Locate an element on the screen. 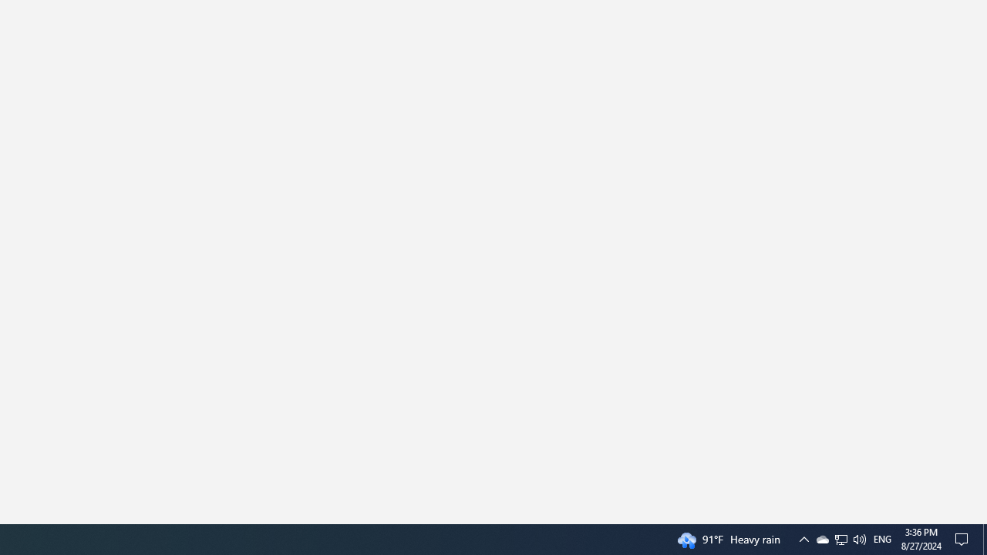 The height and width of the screenshot is (555, 987). 'Q2790: 100%' is located at coordinates (882, 538).